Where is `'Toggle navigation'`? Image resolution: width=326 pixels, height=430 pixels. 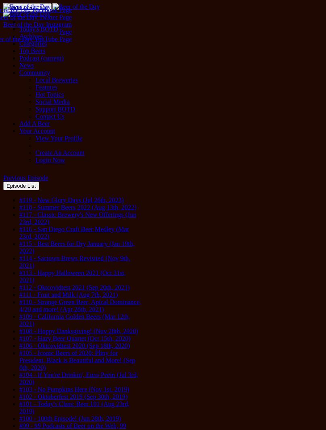
'Toggle navigation' is located at coordinates (6, 7).